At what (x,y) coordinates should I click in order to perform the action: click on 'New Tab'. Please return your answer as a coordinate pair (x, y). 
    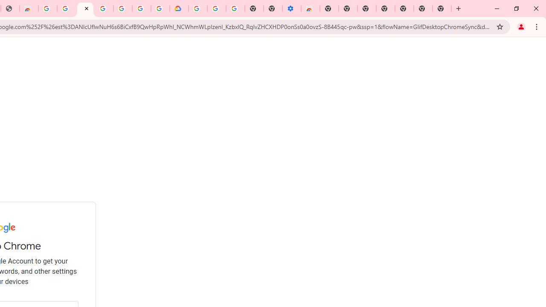
    Looking at the image, I should click on (442, 9).